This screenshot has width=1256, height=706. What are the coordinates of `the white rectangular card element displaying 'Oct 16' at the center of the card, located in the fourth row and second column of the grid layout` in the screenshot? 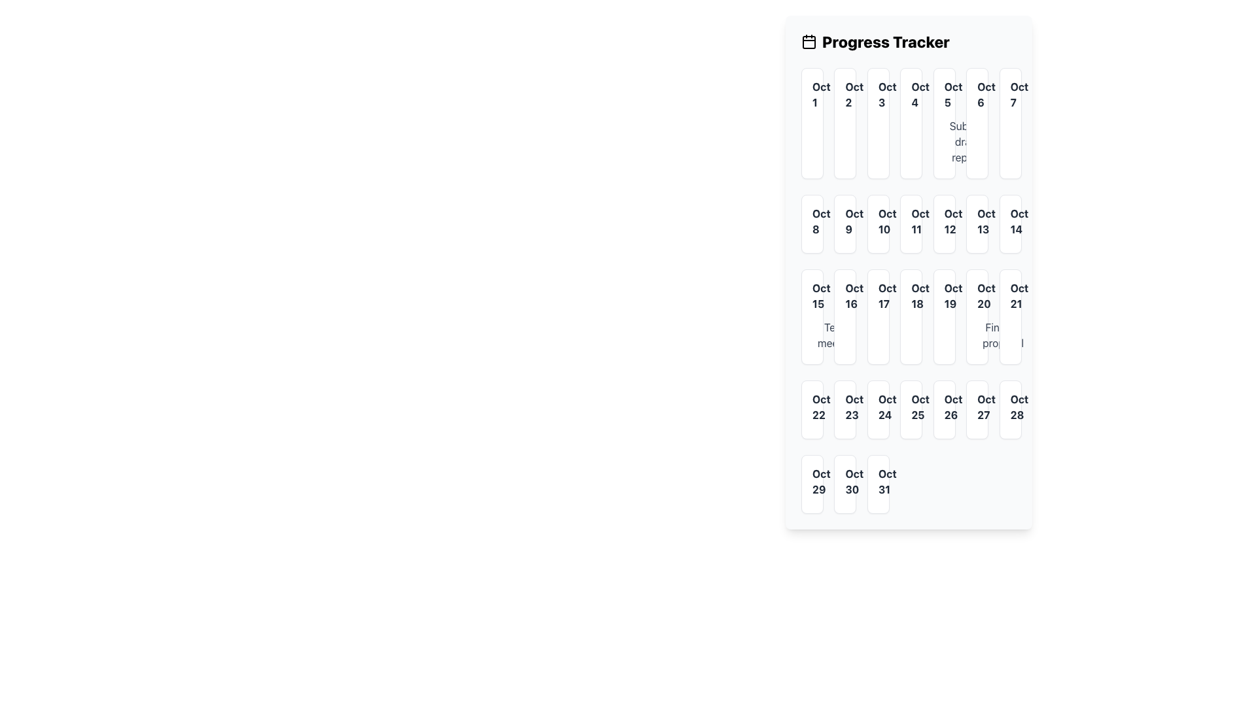 It's located at (845, 317).